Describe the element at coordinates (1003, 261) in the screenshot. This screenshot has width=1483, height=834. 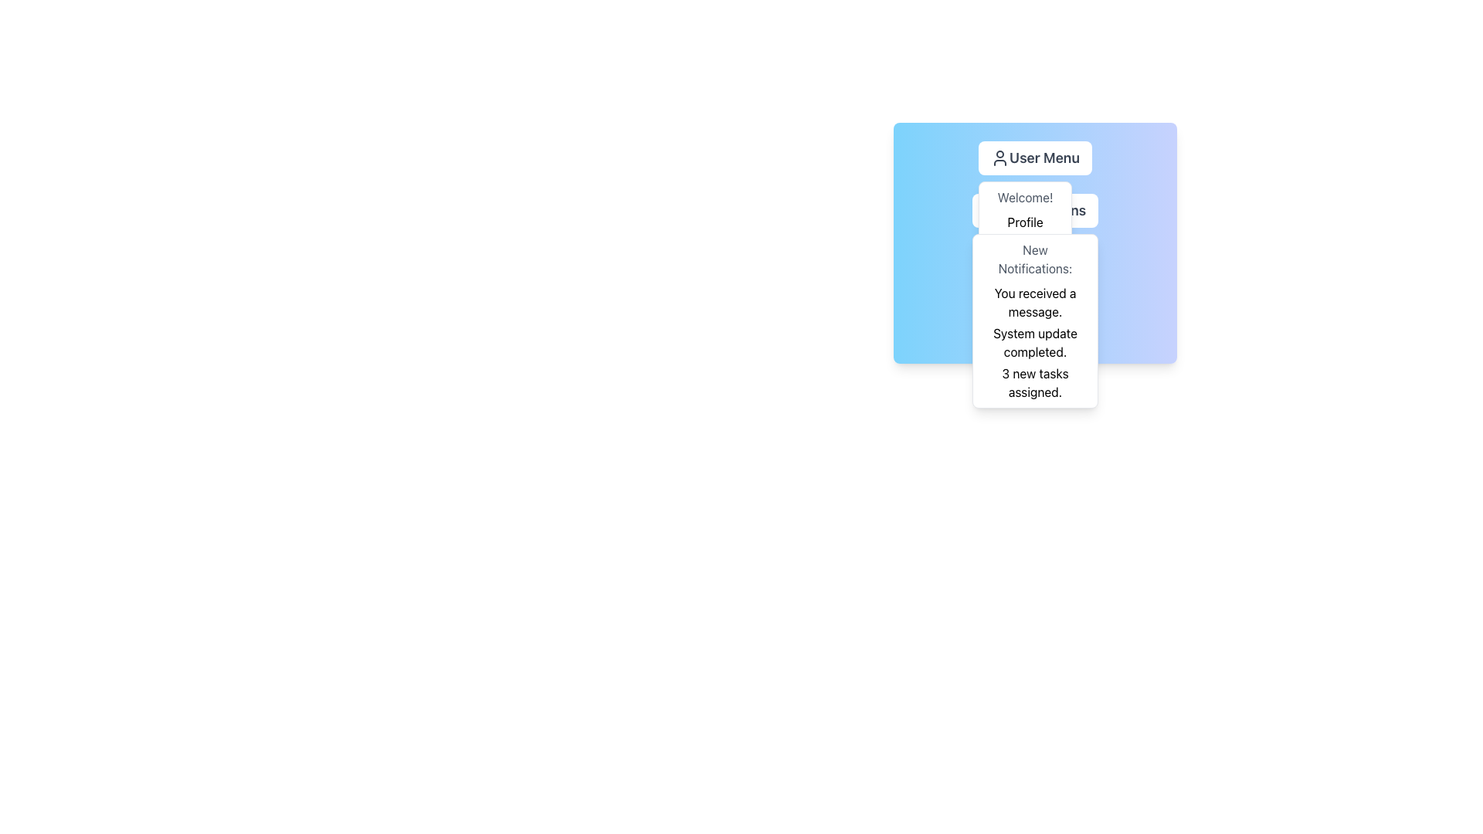
I see `the notification icon located to the left of the 'New Notifications:' text in the dropdown menu, as it serves as a visual indicator for new messages` at that location.